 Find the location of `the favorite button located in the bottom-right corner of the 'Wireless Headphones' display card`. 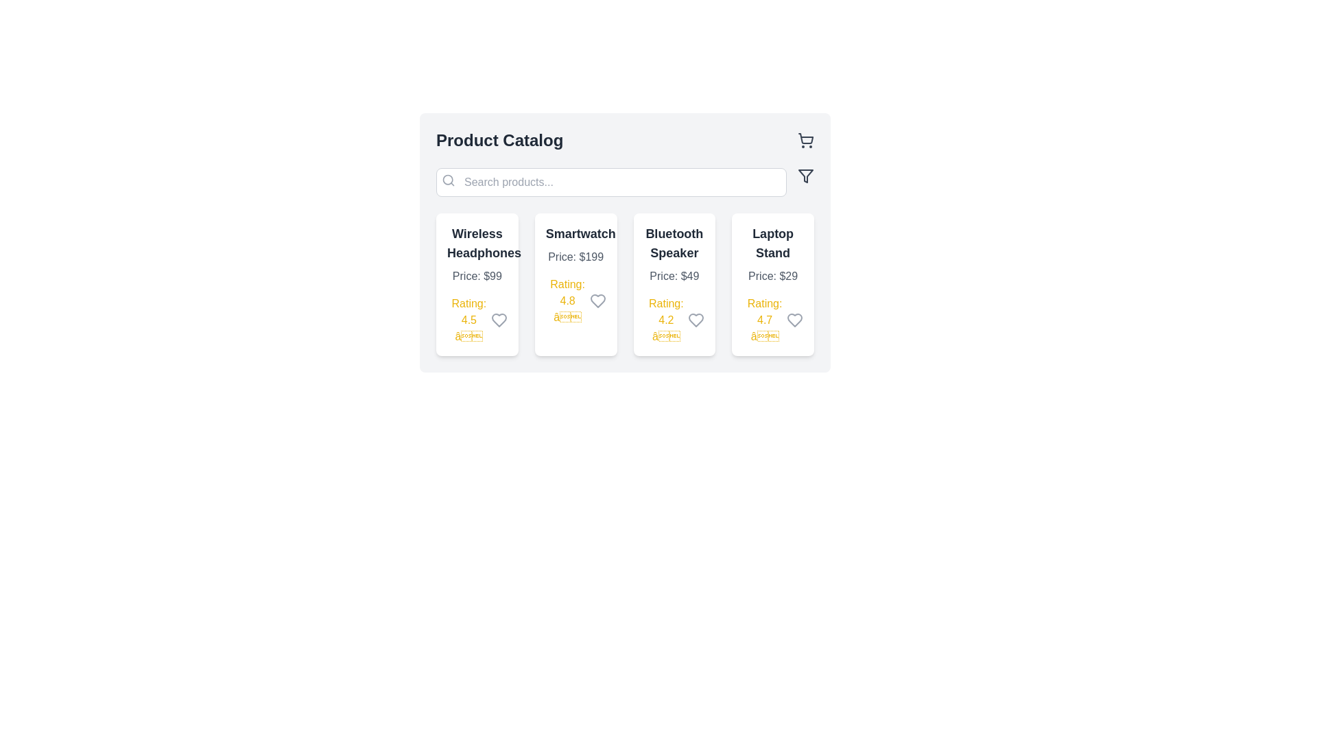

the favorite button located in the bottom-right corner of the 'Wireless Headphones' display card is located at coordinates (498, 320).